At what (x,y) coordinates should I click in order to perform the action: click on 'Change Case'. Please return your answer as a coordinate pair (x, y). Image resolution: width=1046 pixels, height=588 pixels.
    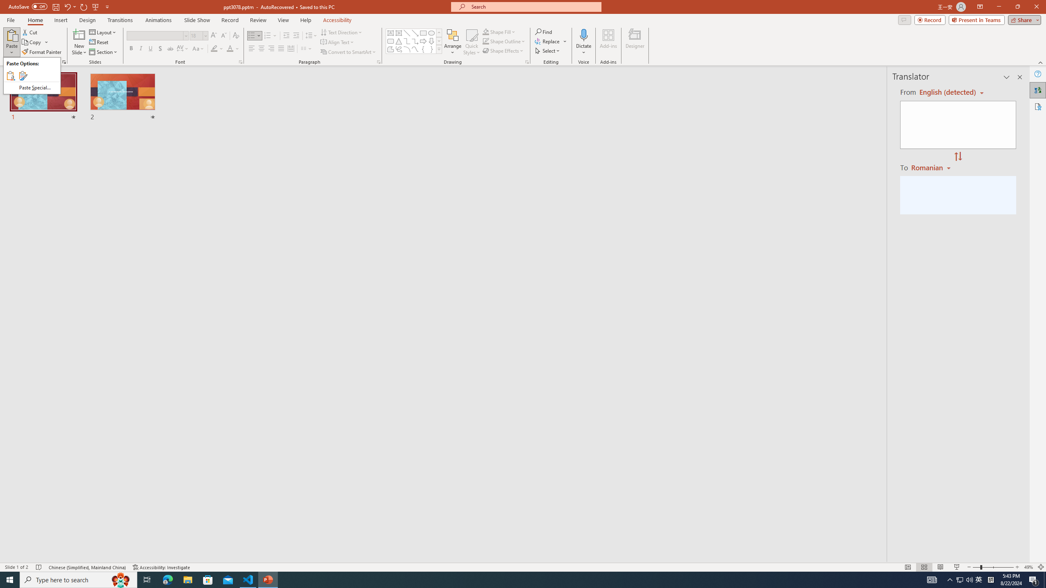
    Looking at the image, I should click on (198, 48).